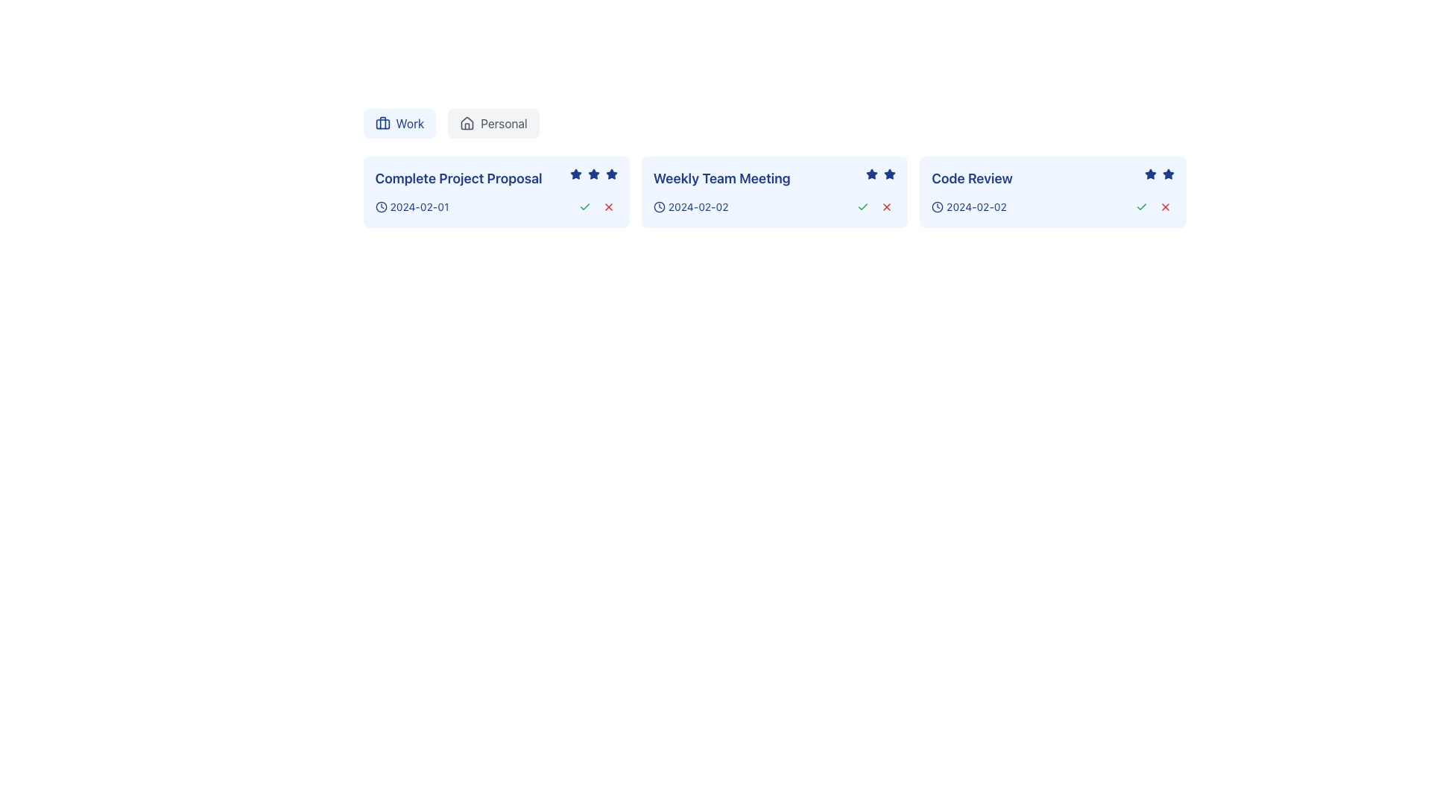 The height and width of the screenshot is (805, 1431). I want to click on the small red 'X' button located at the top-right corner of the 'Code Review' card, so click(1164, 206).